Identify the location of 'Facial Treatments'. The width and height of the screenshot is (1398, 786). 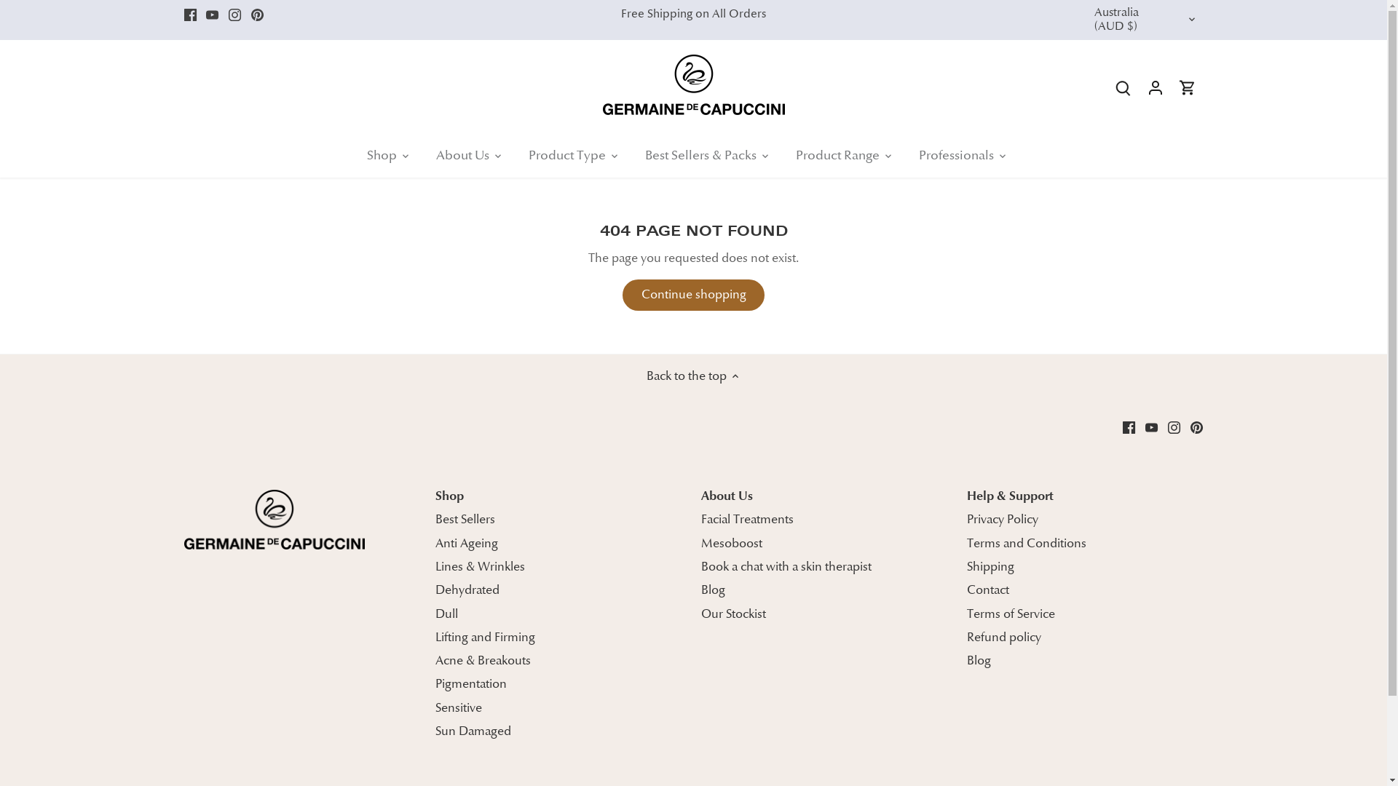
(747, 518).